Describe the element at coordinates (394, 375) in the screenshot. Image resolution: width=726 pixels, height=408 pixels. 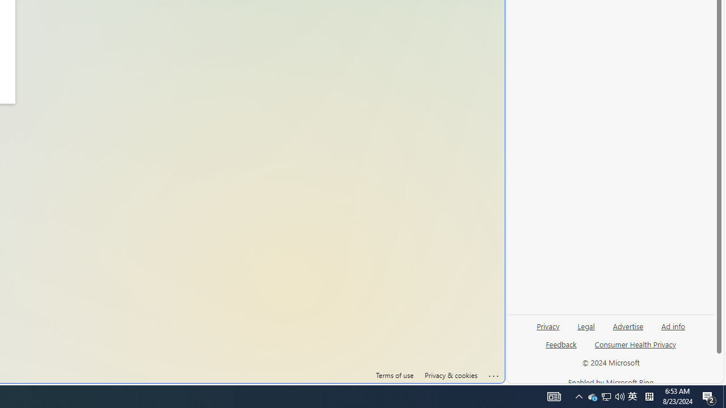
I see `'Terms of use'` at that location.